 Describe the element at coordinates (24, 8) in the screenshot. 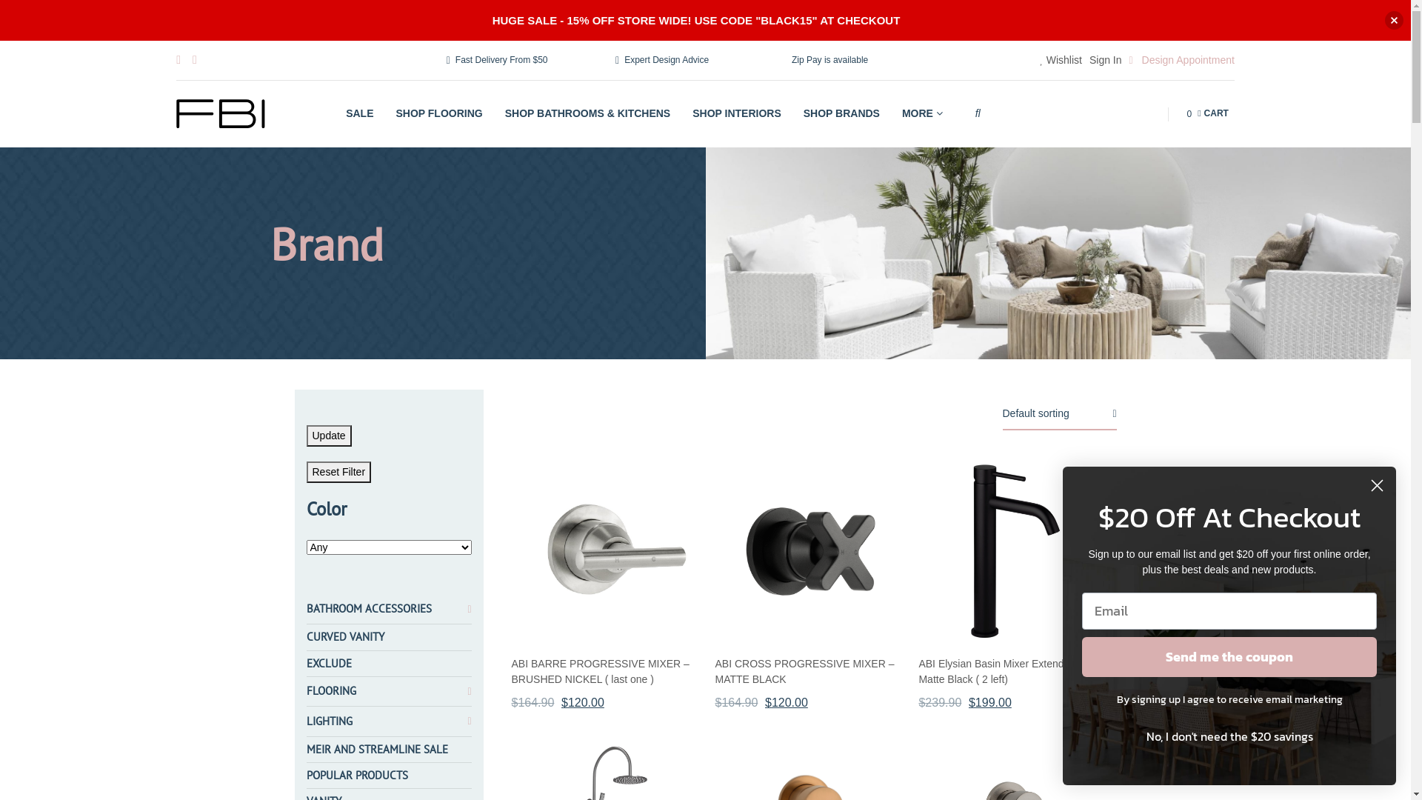

I see `'Submit'` at that location.